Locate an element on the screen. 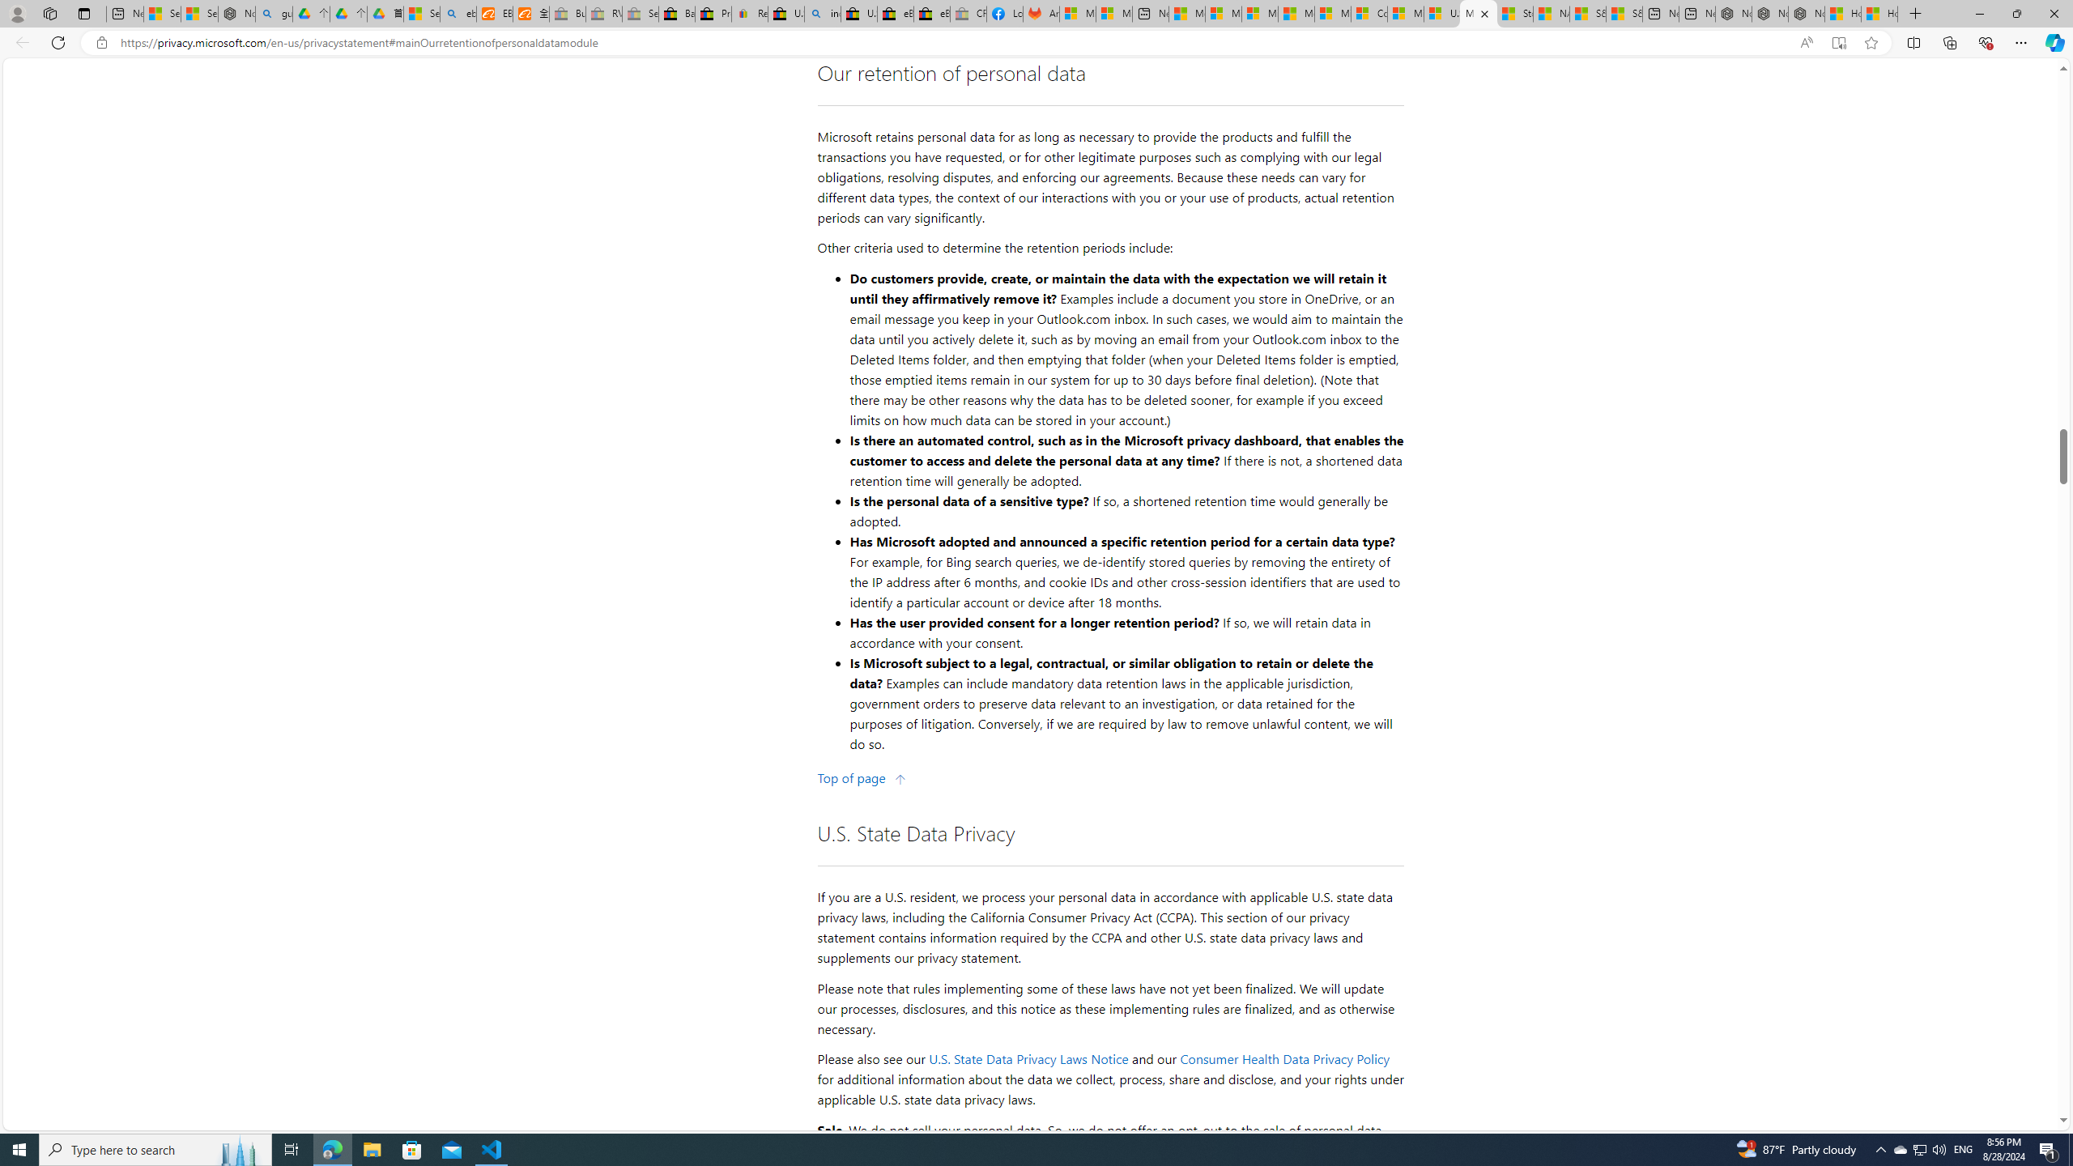 The height and width of the screenshot is (1166, 2073). 'Press Room - eBay Inc.' is located at coordinates (713, 13).